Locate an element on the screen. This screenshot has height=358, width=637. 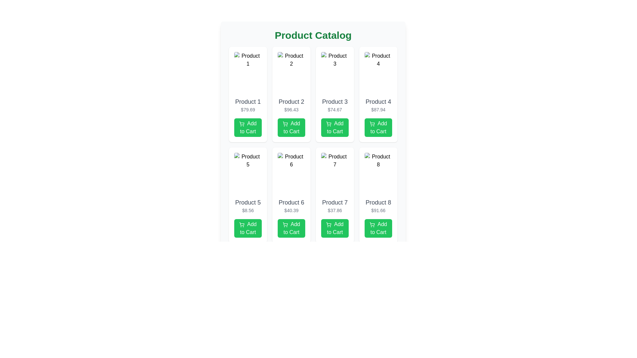
the graphical icon that signifies the action to add the associated product to the user's shopping cart, located within the 'Add to Cart' button for Product 3 is located at coordinates (329, 123).